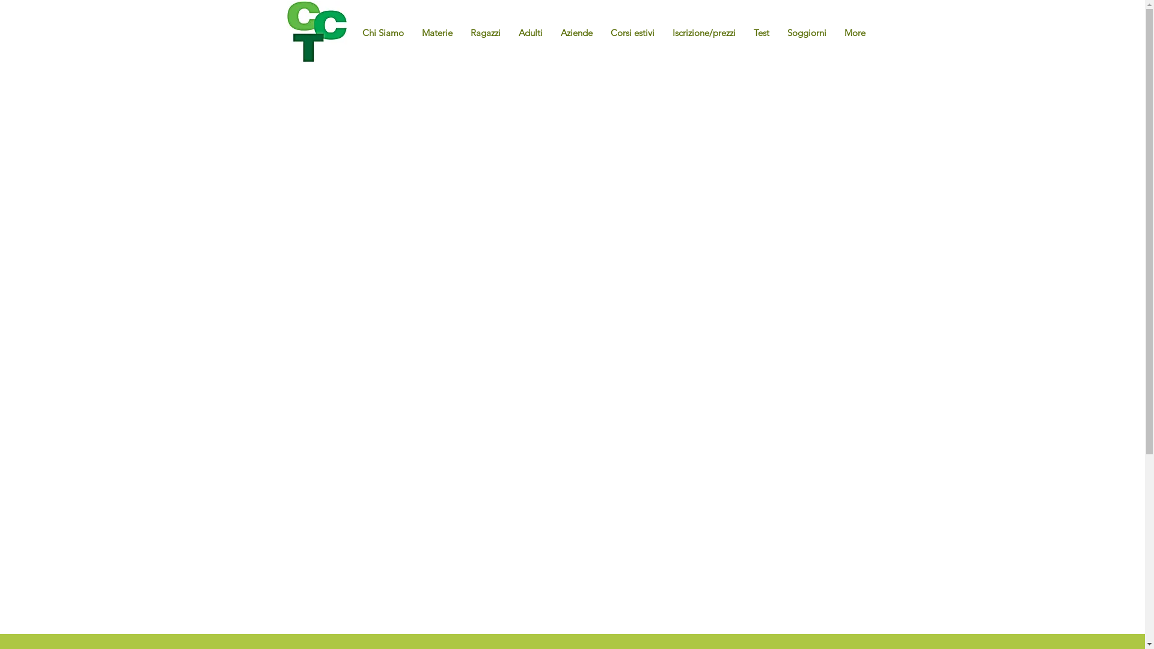  I want to click on 'Materie', so click(375, 27).